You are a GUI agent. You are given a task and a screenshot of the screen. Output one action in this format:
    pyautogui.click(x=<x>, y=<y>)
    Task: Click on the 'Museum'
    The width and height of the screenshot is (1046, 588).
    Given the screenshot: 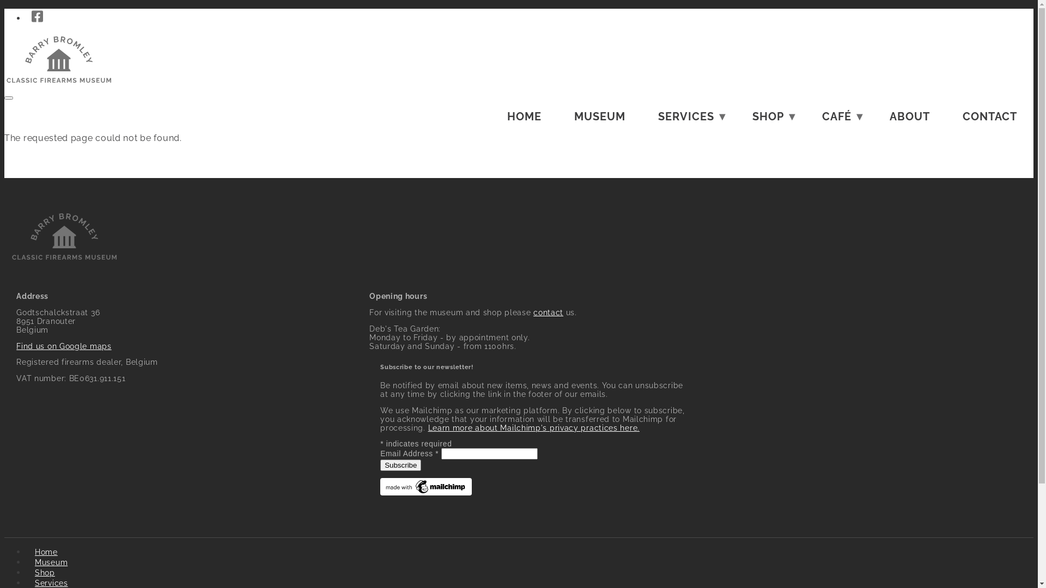 What is the action you would take?
    pyautogui.click(x=51, y=562)
    